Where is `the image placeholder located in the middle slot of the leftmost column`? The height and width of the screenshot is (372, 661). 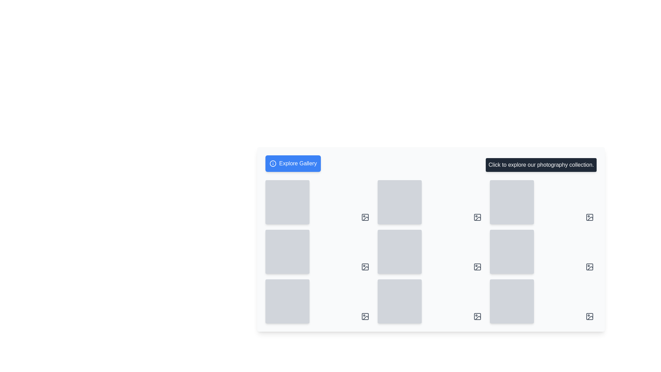
the image placeholder located in the middle slot of the leftmost column is located at coordinates (318, 252).